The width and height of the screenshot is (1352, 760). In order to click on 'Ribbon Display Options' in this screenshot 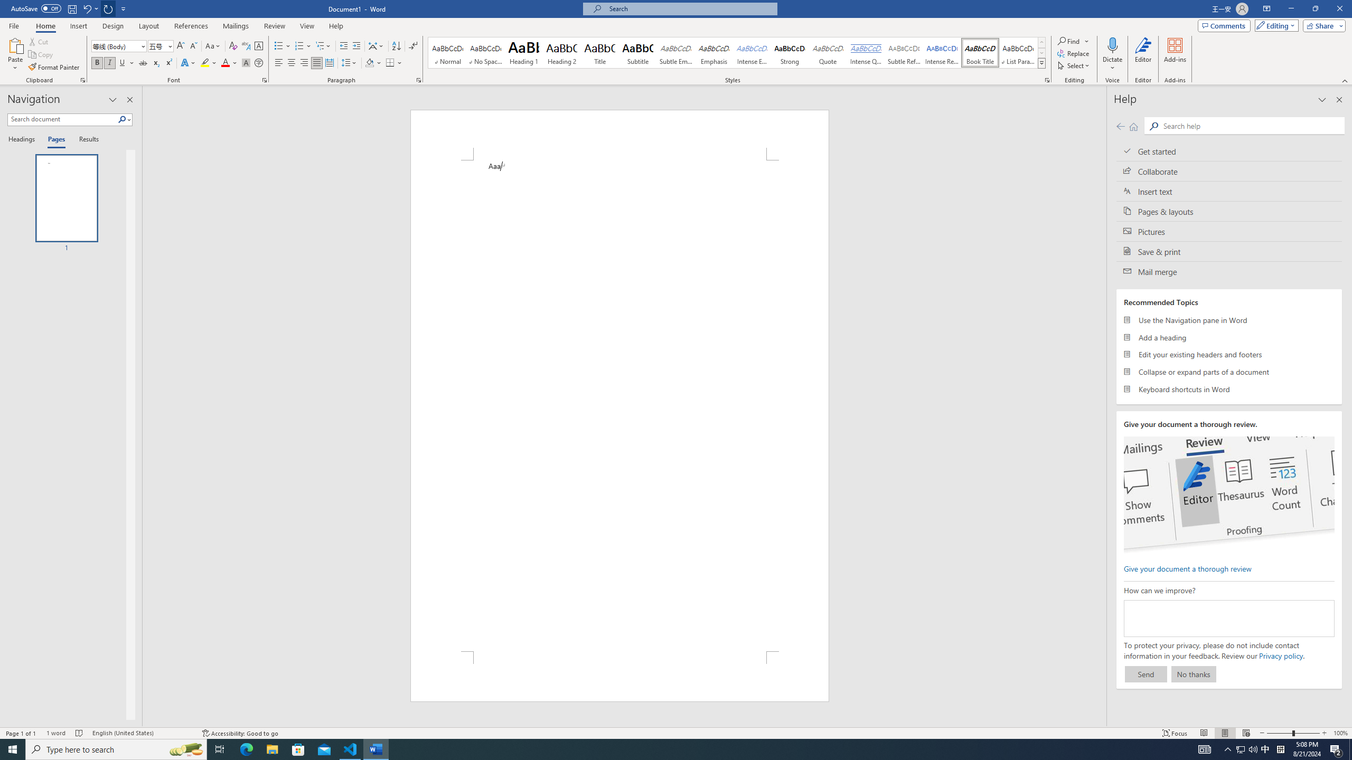, I will do `click(1266, 8)`.